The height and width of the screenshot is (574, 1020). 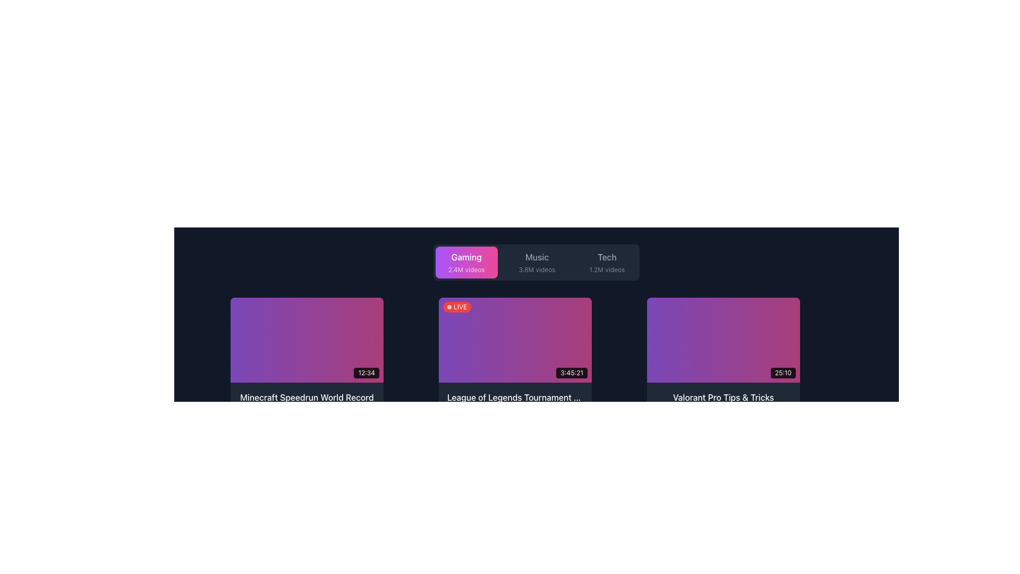 What do you see at coordinates (536, 262) in the screenshot?
I see `the 'Music' segment of the horizontal menu bar` at bounding box center [536, 262].